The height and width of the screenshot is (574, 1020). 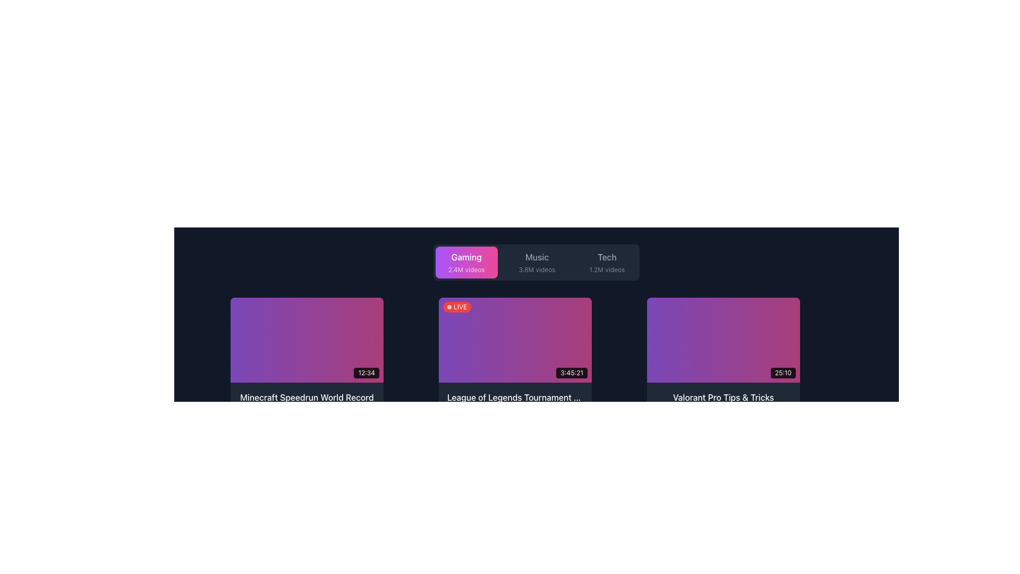 What do you see at coordinates (536, 262) in the screenshot?
I see `the 'Music' segment of the horizontal menu bar` at bounding box center [536, 262].